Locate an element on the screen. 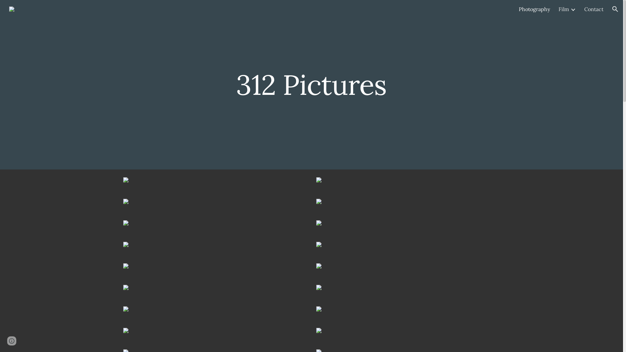  'Film' is located at coordinates (563, 9).